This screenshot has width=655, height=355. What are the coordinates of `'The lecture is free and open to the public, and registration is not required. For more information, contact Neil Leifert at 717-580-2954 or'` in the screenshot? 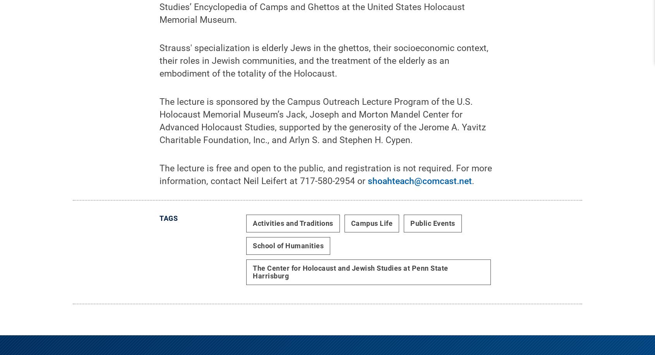 It's located at (326, 180).